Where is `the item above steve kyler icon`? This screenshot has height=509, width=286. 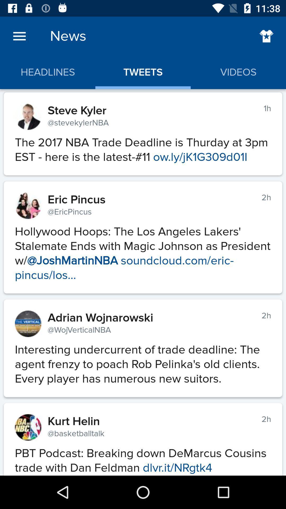
the item above steve kyler icon is located at coordinates (143, 72).